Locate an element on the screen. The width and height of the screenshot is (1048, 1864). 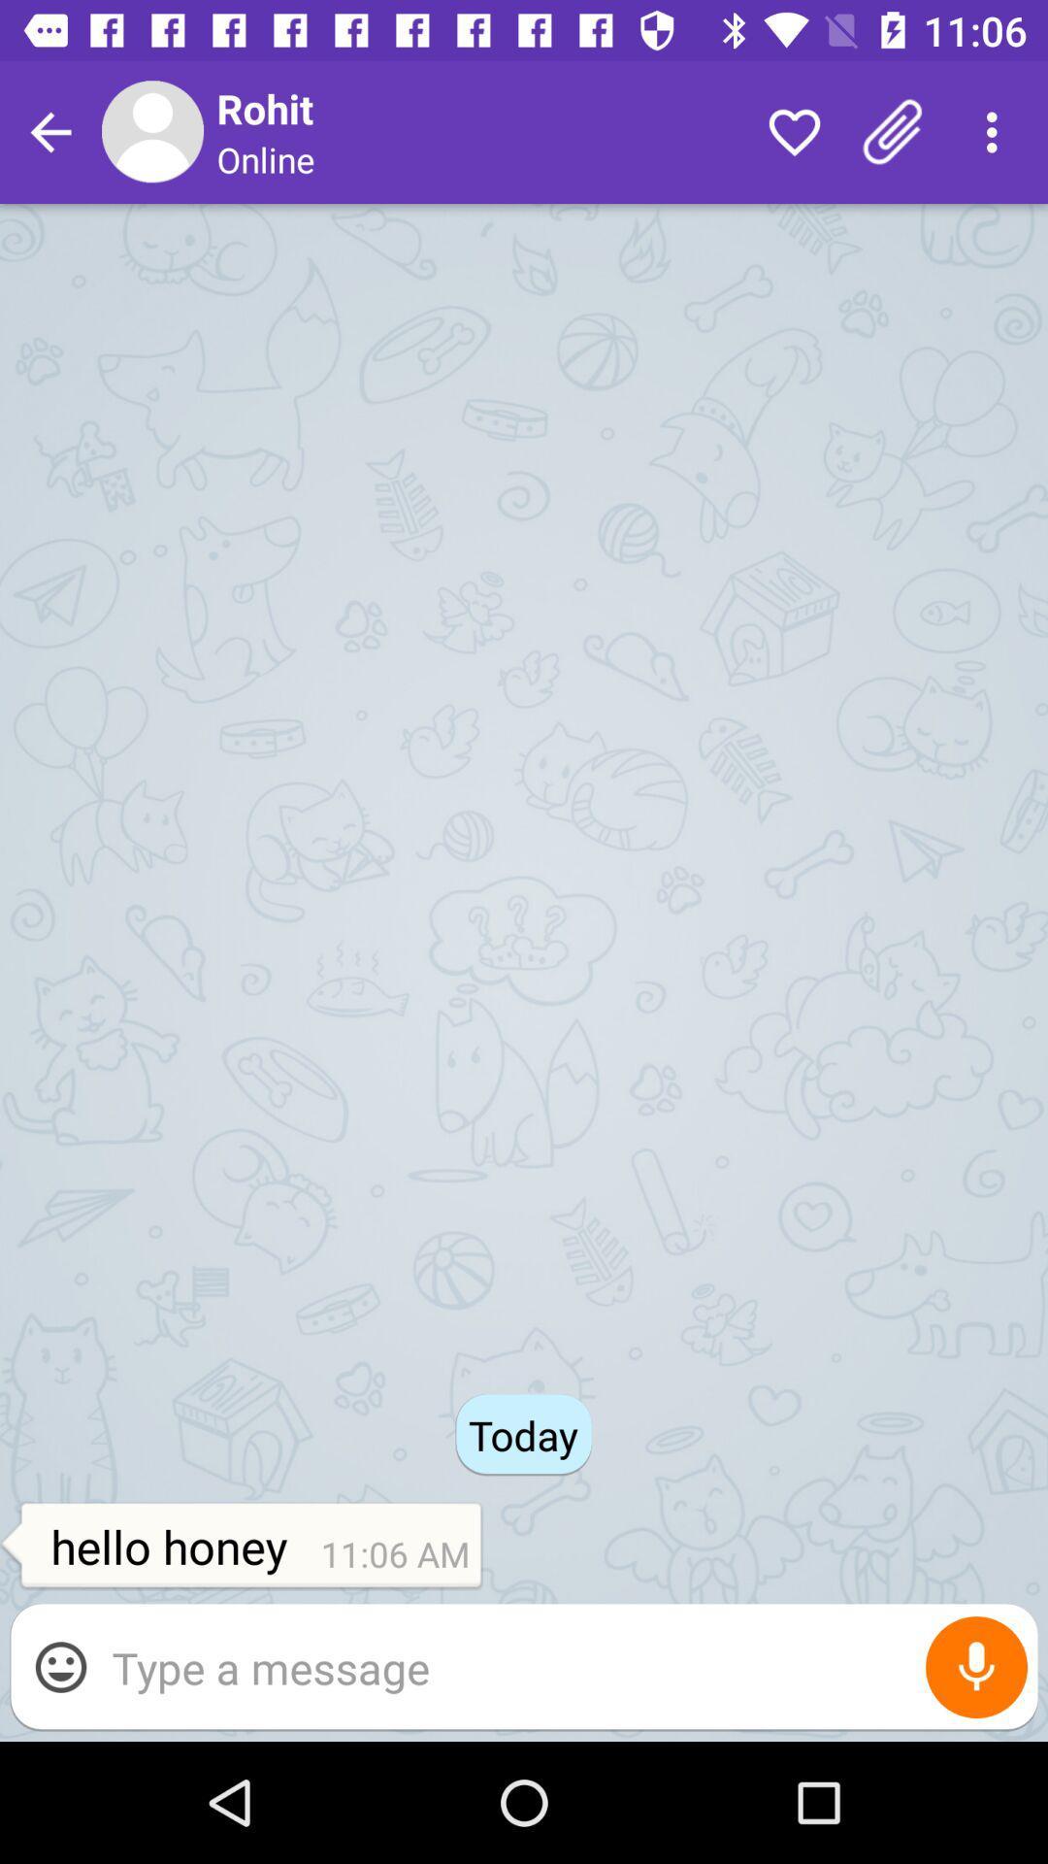
type a message is located at coordinates (565, 1666).